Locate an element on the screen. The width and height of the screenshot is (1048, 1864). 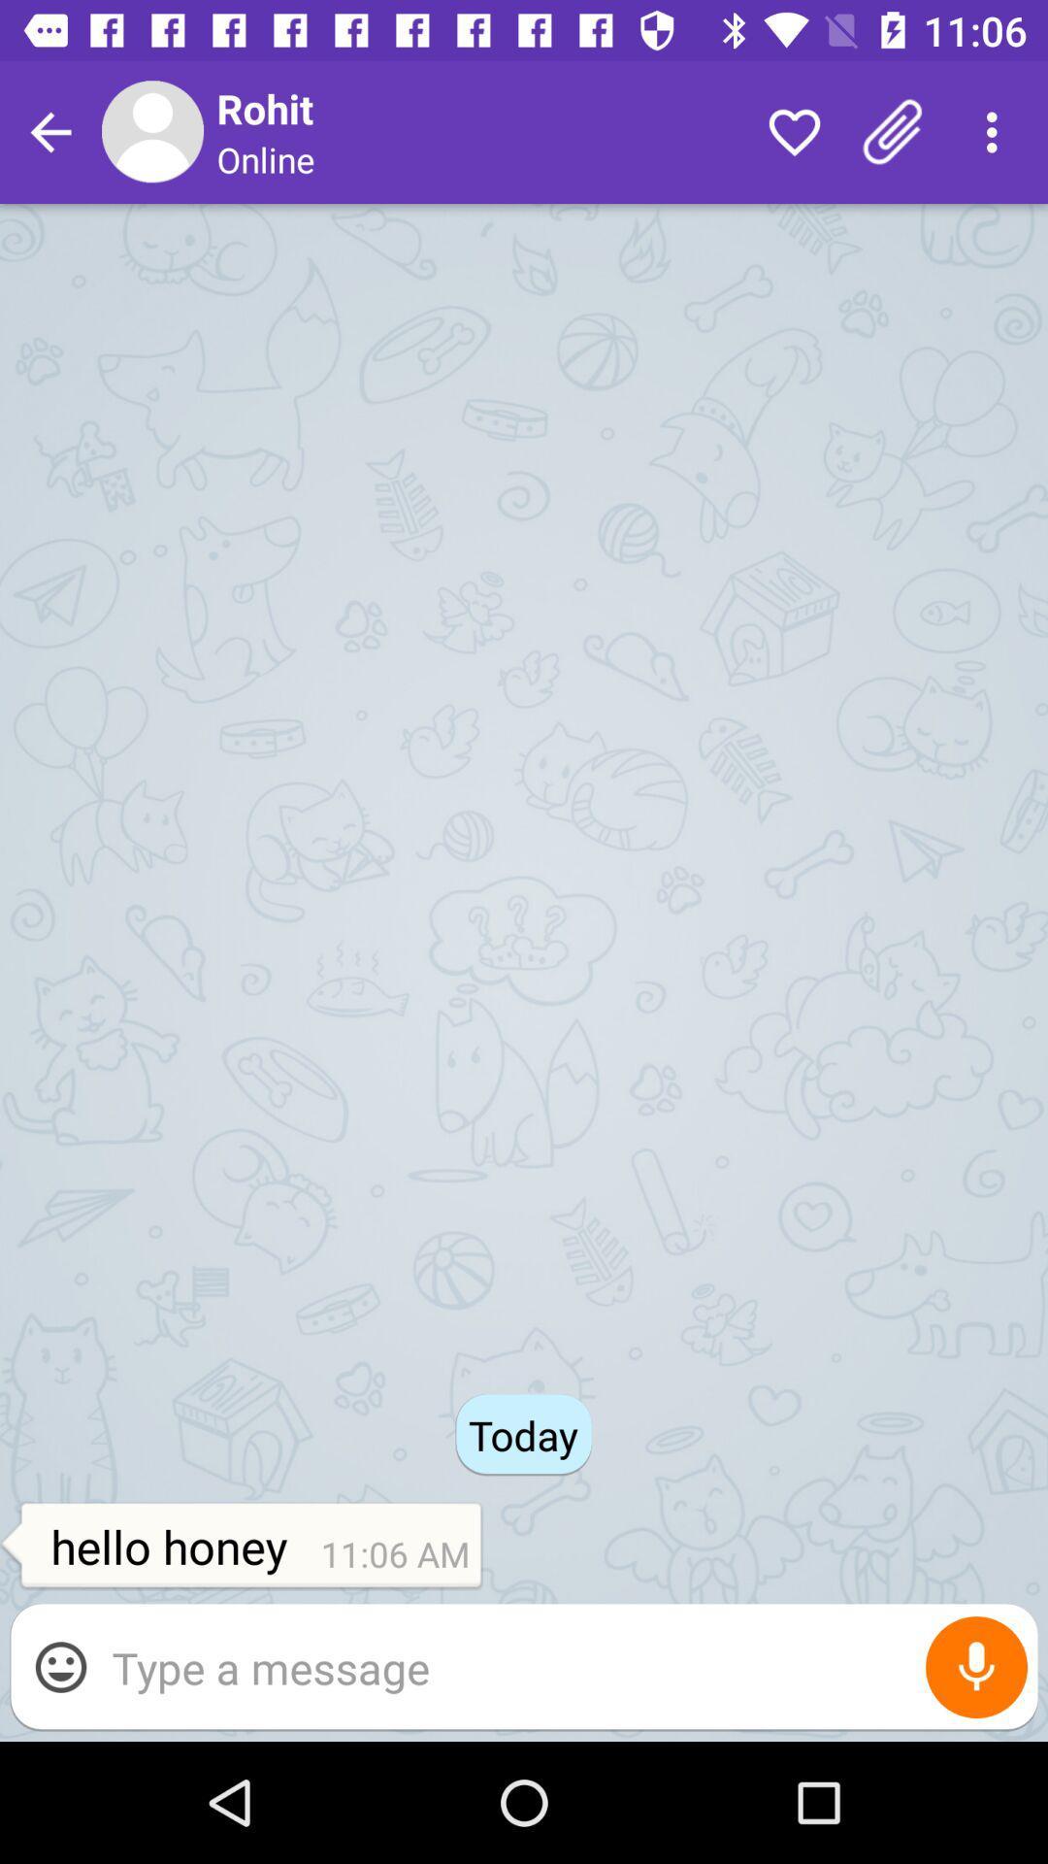
type a message is located at coordinates (565, 1666).